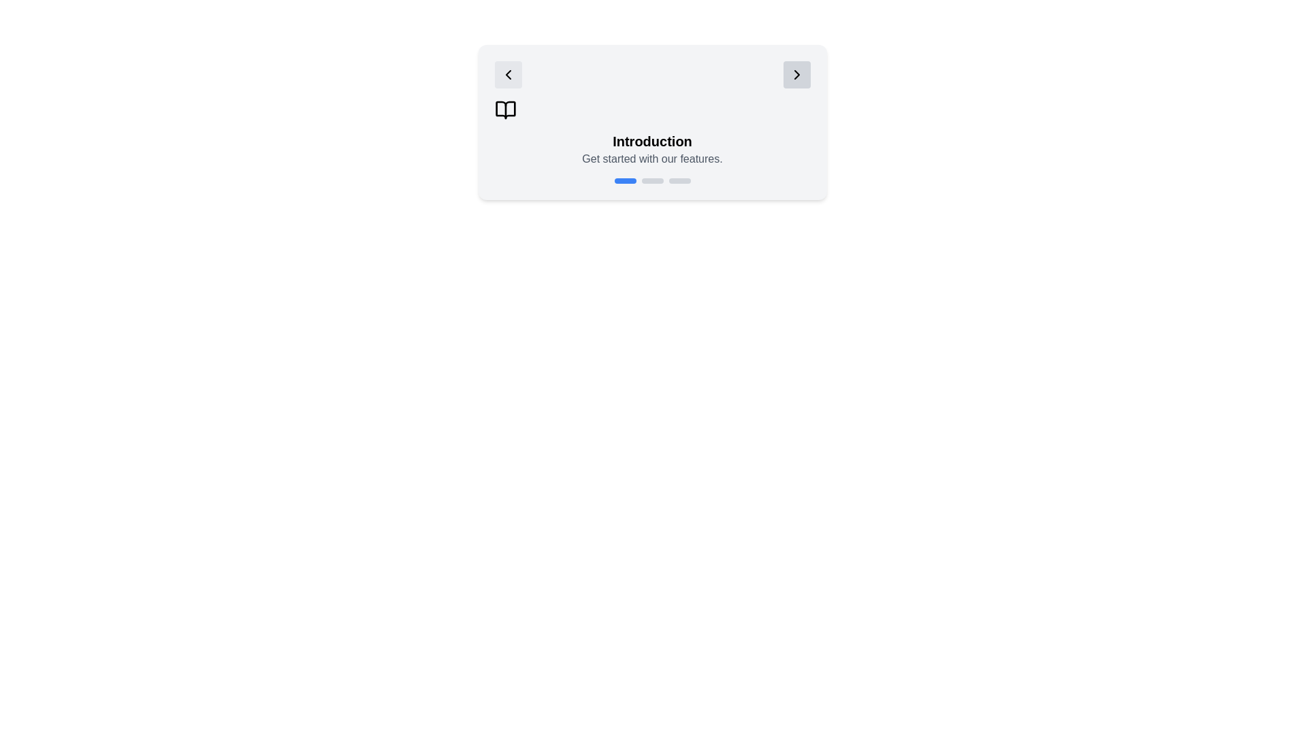 The width and height of the screenshot is (1307, 735). What do you see at coordinates (796, 75) in the screenshot?
I see `'next' button on the right side of the stepper to navigate to the next step` at bounding box center [796, 75].